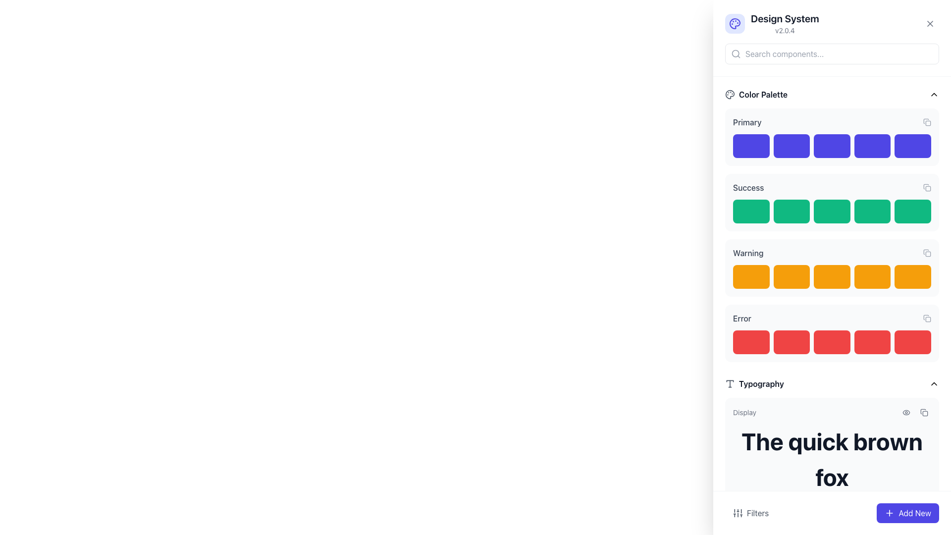 The image size is (951, 535). Describe the element at coordinates (832, 146) in the screenshot. I see `the third blue rectangular block from the left in the 'Primary' group of colored buttons` at that location.